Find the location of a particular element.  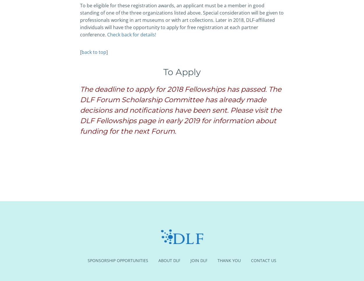

']' is located at coordinates (107, 52).